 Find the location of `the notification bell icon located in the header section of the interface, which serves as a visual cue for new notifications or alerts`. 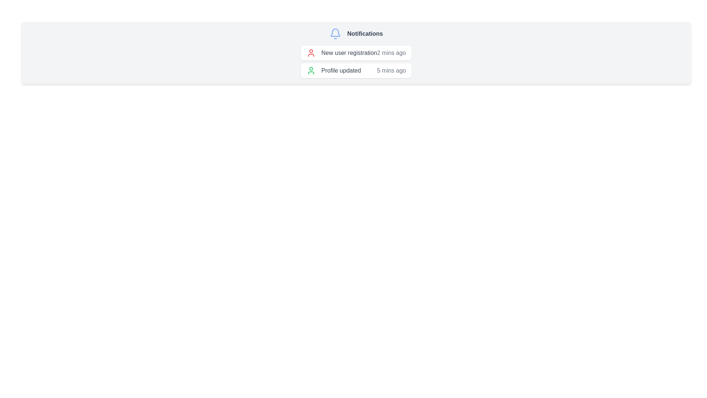

the notification bell icon located in the header section of the interface, which serves as a visual cue for new notifications or alerts is located at coordinates (335, 34).